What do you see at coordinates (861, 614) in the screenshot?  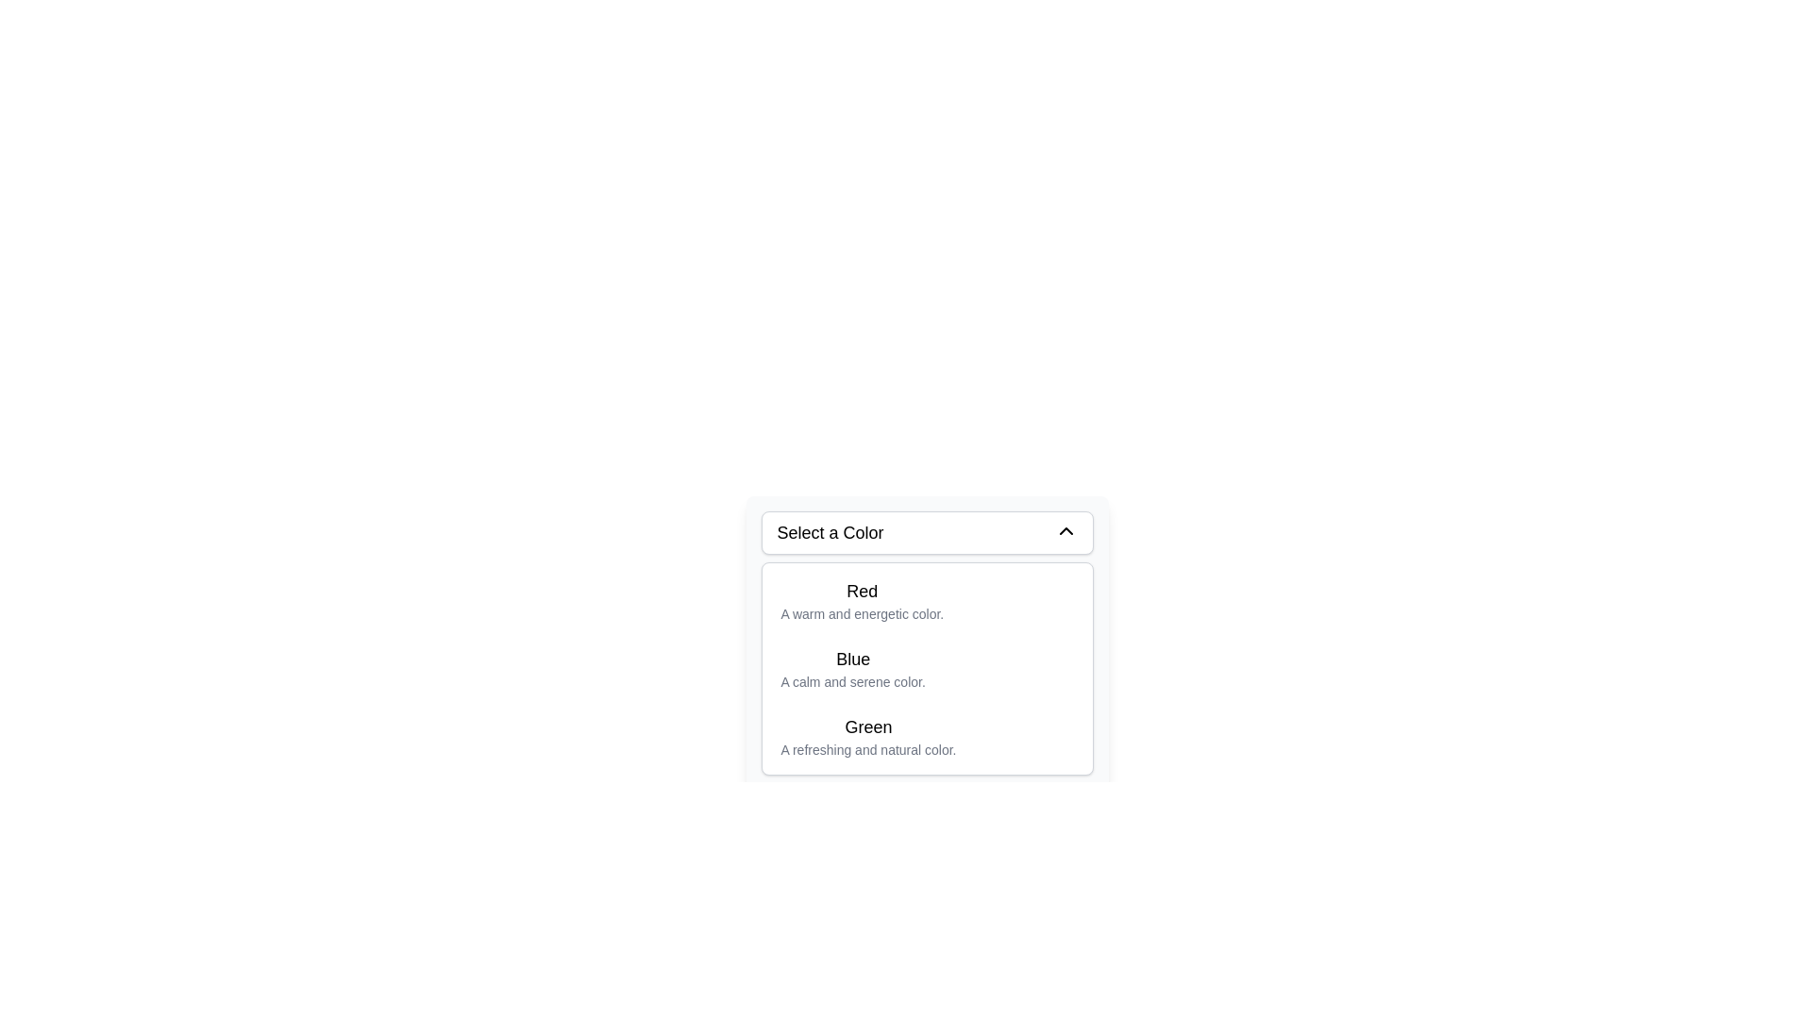 I see `the descriptive subtitle text 'A warm and energetic color.' which is located below the 'Red' label in the dropdown list` at bounding box center [861, 614].